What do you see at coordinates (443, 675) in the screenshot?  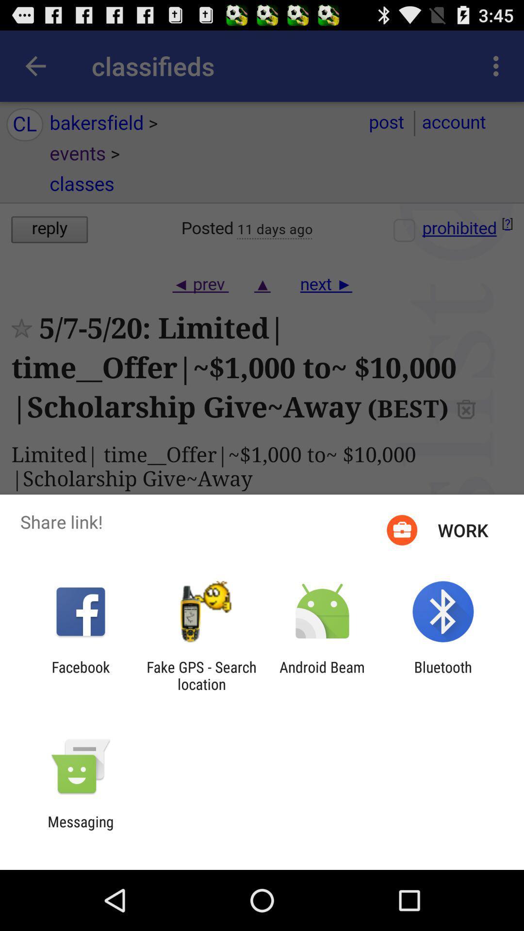 I see `bluetooth app` at bounding box center [443, 675].